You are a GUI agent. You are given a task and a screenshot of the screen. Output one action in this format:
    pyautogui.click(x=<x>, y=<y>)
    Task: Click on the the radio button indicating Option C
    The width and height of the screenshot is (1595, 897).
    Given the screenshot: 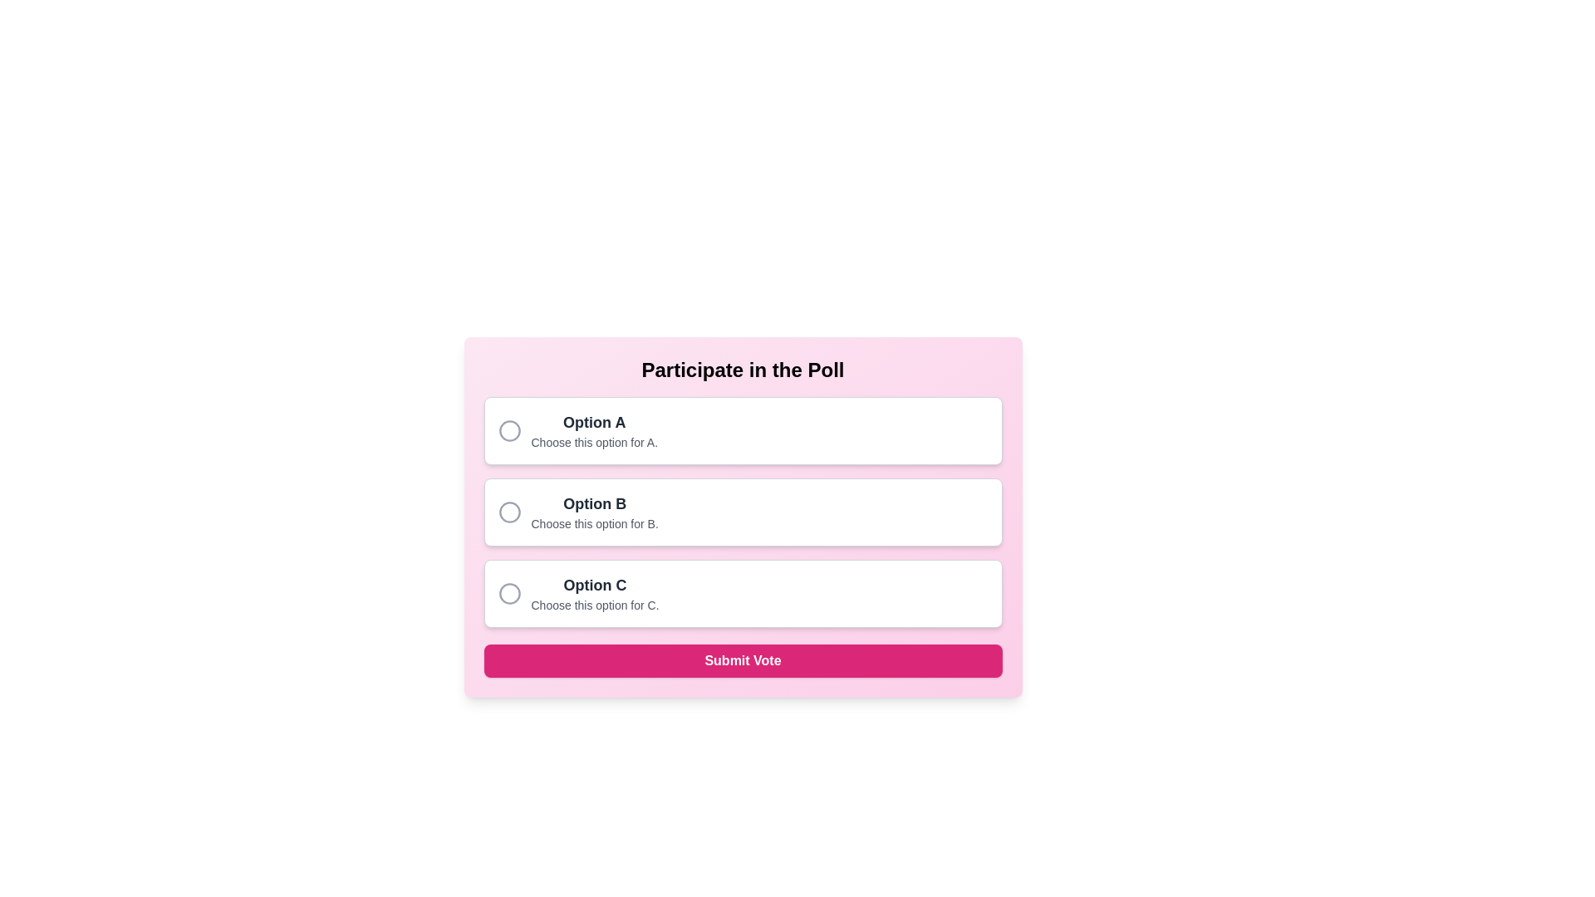 What is the action you would take?
    pyautogui.click(x=508, y=592)
    